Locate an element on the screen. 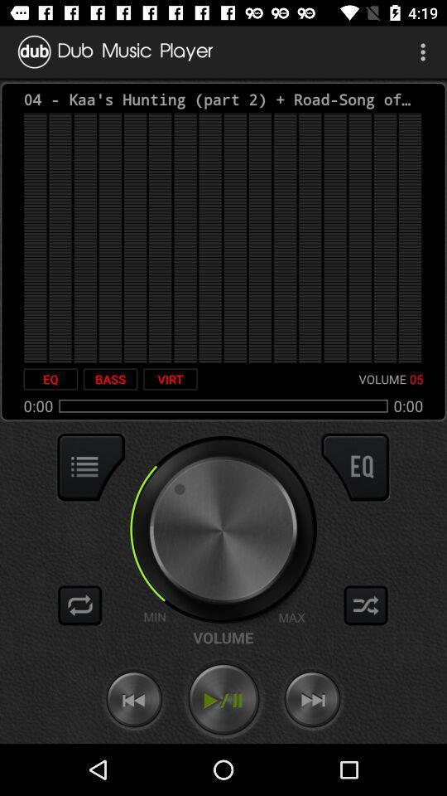  icon to the left of the volume icon is located at coordinates (170, 379).